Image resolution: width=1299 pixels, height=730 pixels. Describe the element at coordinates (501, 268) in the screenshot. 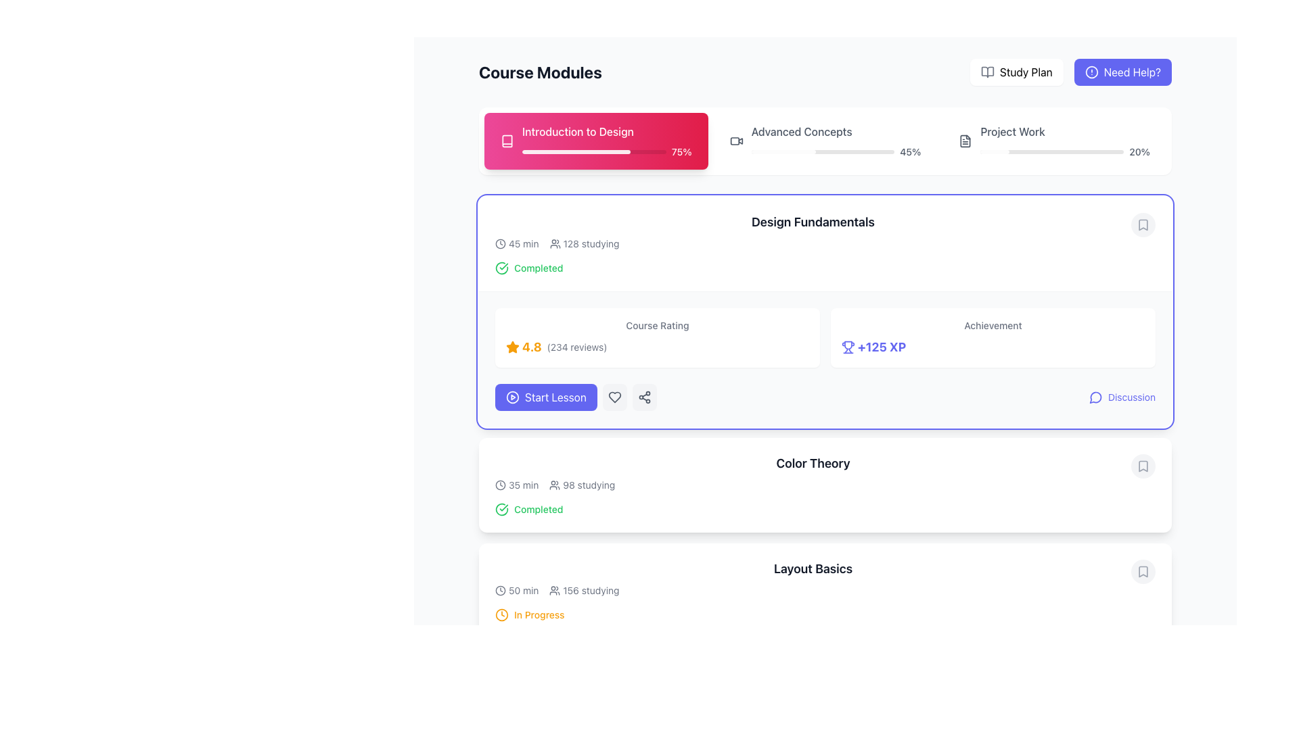

I see `the circular completion status icon with a check mark located to the left of the 'Completed' text in the 'Design Fundamentals' course module section` at that location.